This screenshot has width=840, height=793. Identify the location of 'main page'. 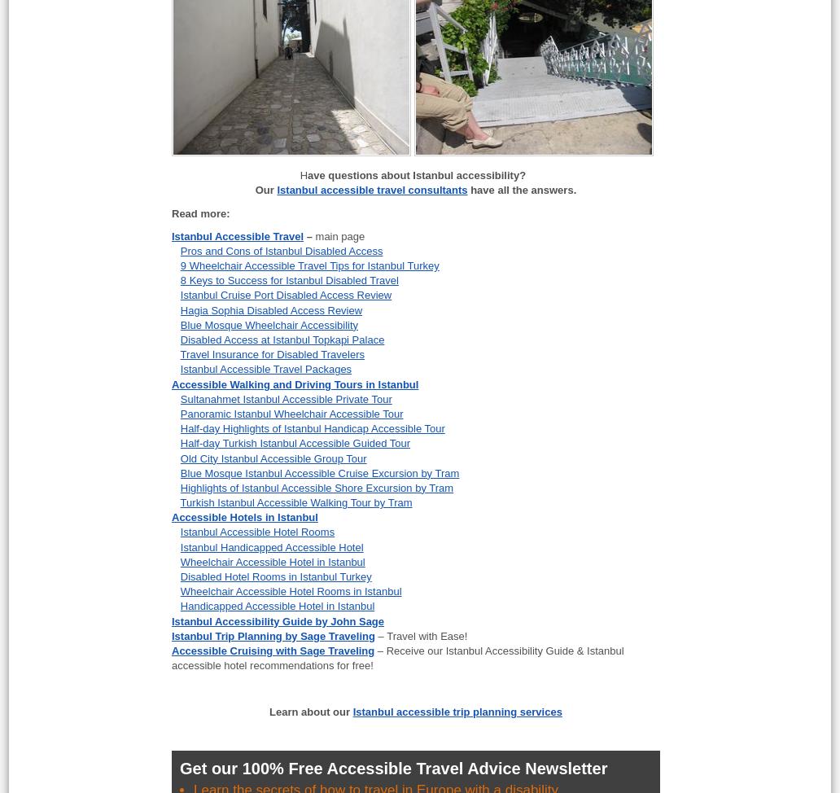
(339, 234).